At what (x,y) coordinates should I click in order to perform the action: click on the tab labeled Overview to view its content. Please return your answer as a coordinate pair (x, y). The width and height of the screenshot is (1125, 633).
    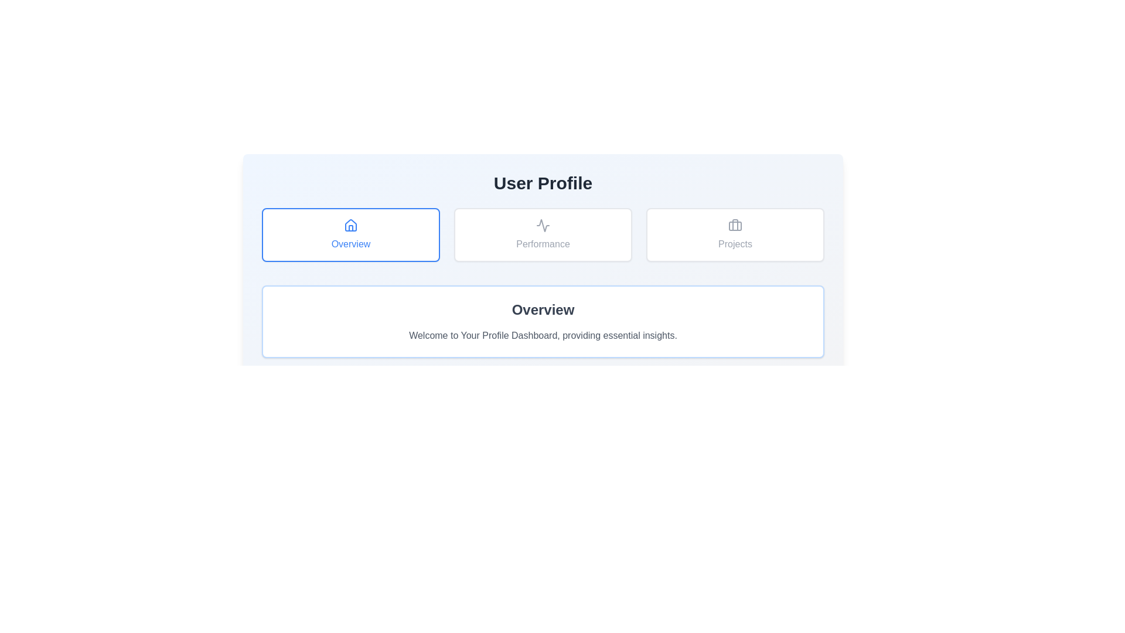
    Looking at the image, I should click on (350, 235).